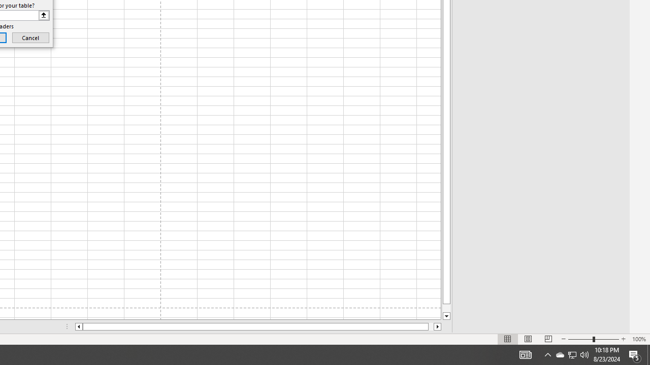 The width and height of the screenshot is (650, 365). Describe the element at coordinates (623, 339) in the screenshot. I see `'Zoom In'` at that location.